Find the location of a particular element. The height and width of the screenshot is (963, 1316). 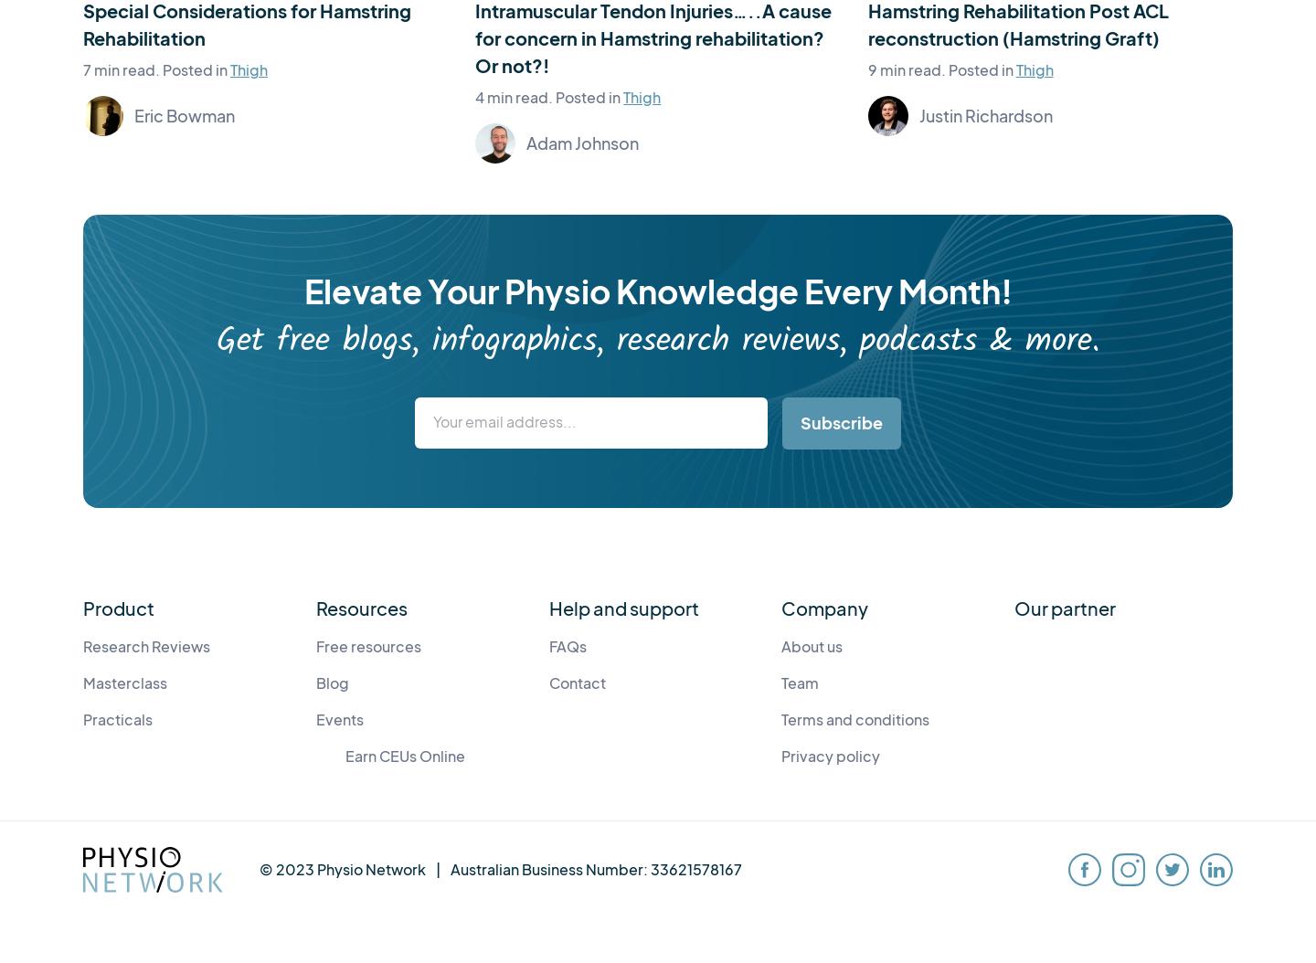

'Eric Bowman' is located at coordinates (185, 115).